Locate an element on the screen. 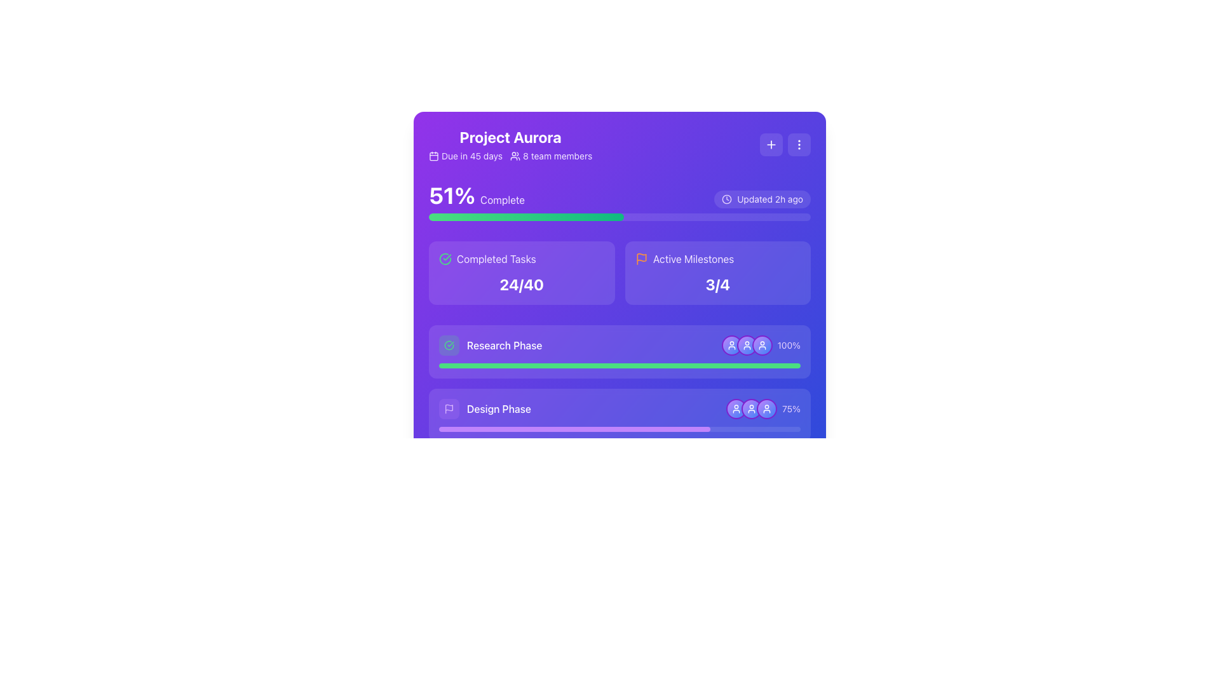 This screenshot has height=686, width=1220. the Informational card displaying task completion progress ('24/40') located in the top-left section of the row, directly to the left of the 'Active Milestones' widget is located at coordinates (522, 272).